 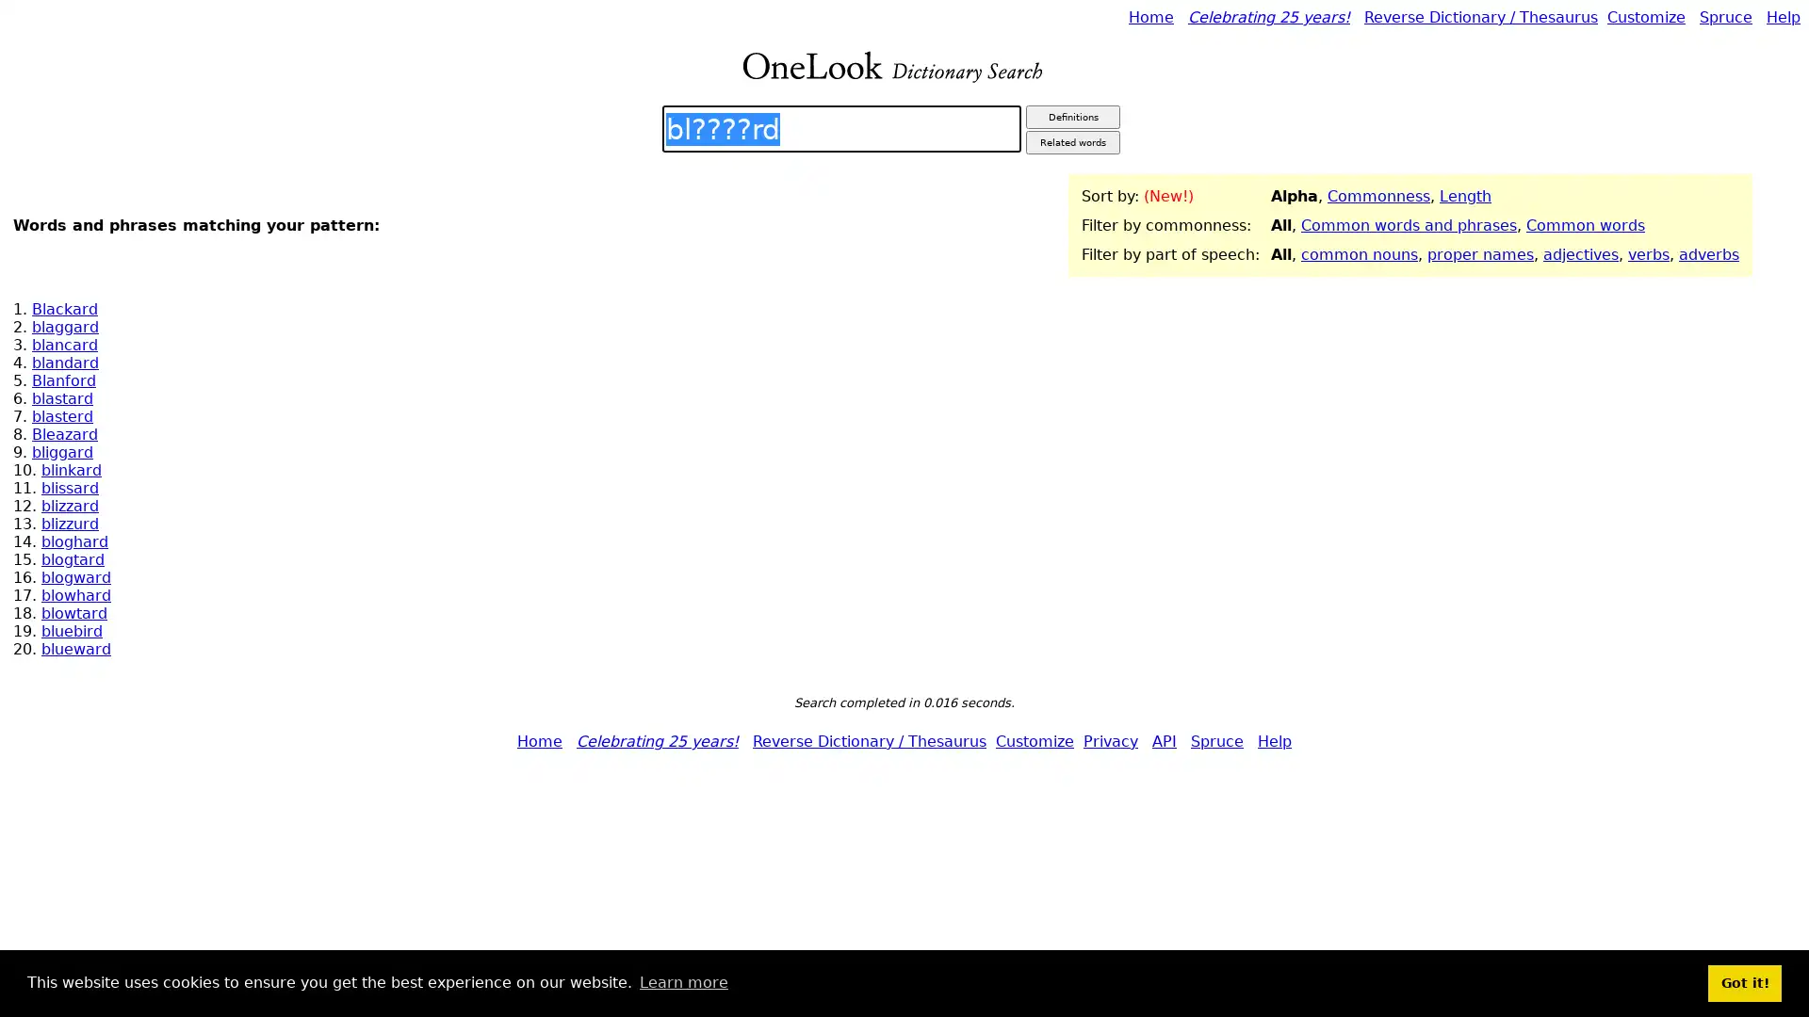 I want to click on Definitions, so click(x=1072, y=117).